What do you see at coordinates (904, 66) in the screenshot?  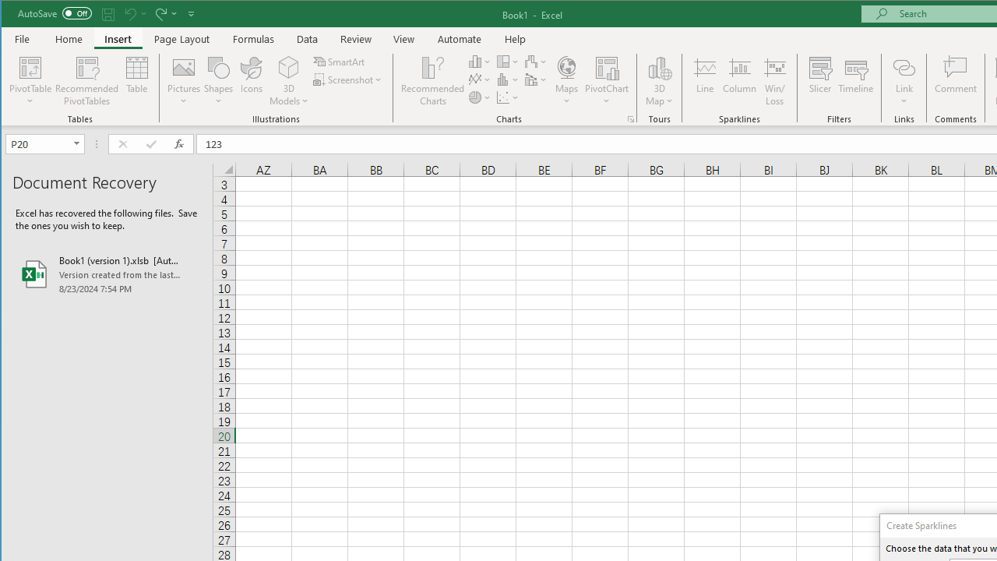 I see `'Link'` at bounding box center [904, 66].